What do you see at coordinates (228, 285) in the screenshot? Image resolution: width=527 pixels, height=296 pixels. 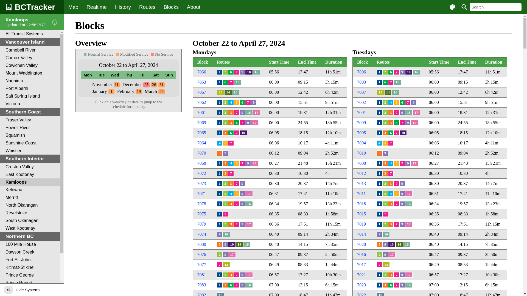 I see `'6'` at bounding box center [228, 285].